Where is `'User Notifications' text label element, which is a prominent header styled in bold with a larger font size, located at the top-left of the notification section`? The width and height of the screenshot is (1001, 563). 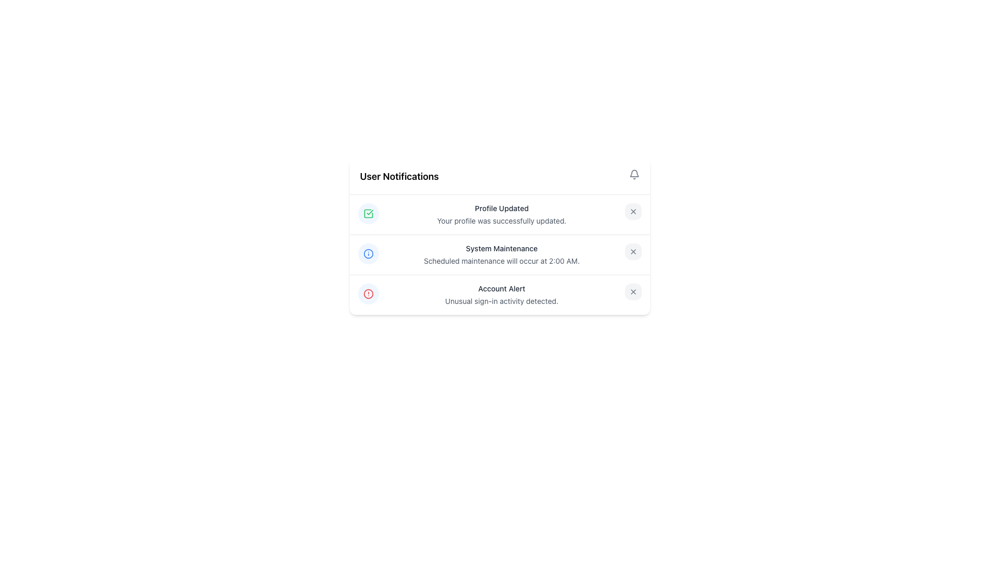 'User Notifications' text label element, which is a prominent header styled in bold with a larger font size, located at the top-left of the notification section is located at coordinates (399, 176).